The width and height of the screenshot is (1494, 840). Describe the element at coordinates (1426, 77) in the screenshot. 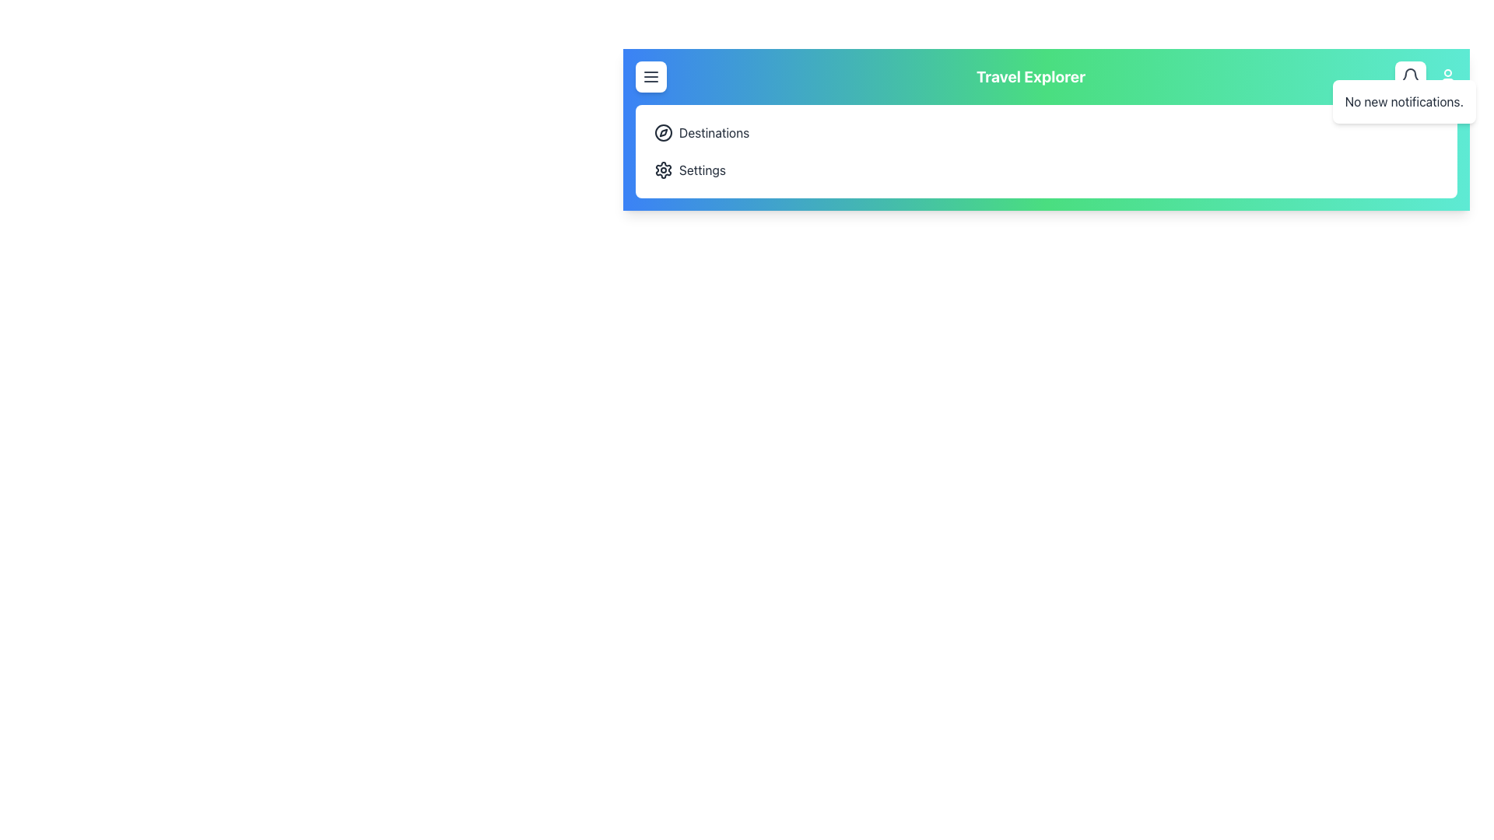

I see `the user profile icon located in the top-right corner of the interface, adjacent to the title 'Travel Explorer'` at that location.